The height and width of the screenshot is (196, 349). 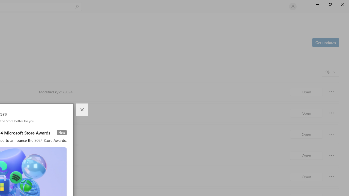 I want to click on 'User profile', so click(x=292, y=7).